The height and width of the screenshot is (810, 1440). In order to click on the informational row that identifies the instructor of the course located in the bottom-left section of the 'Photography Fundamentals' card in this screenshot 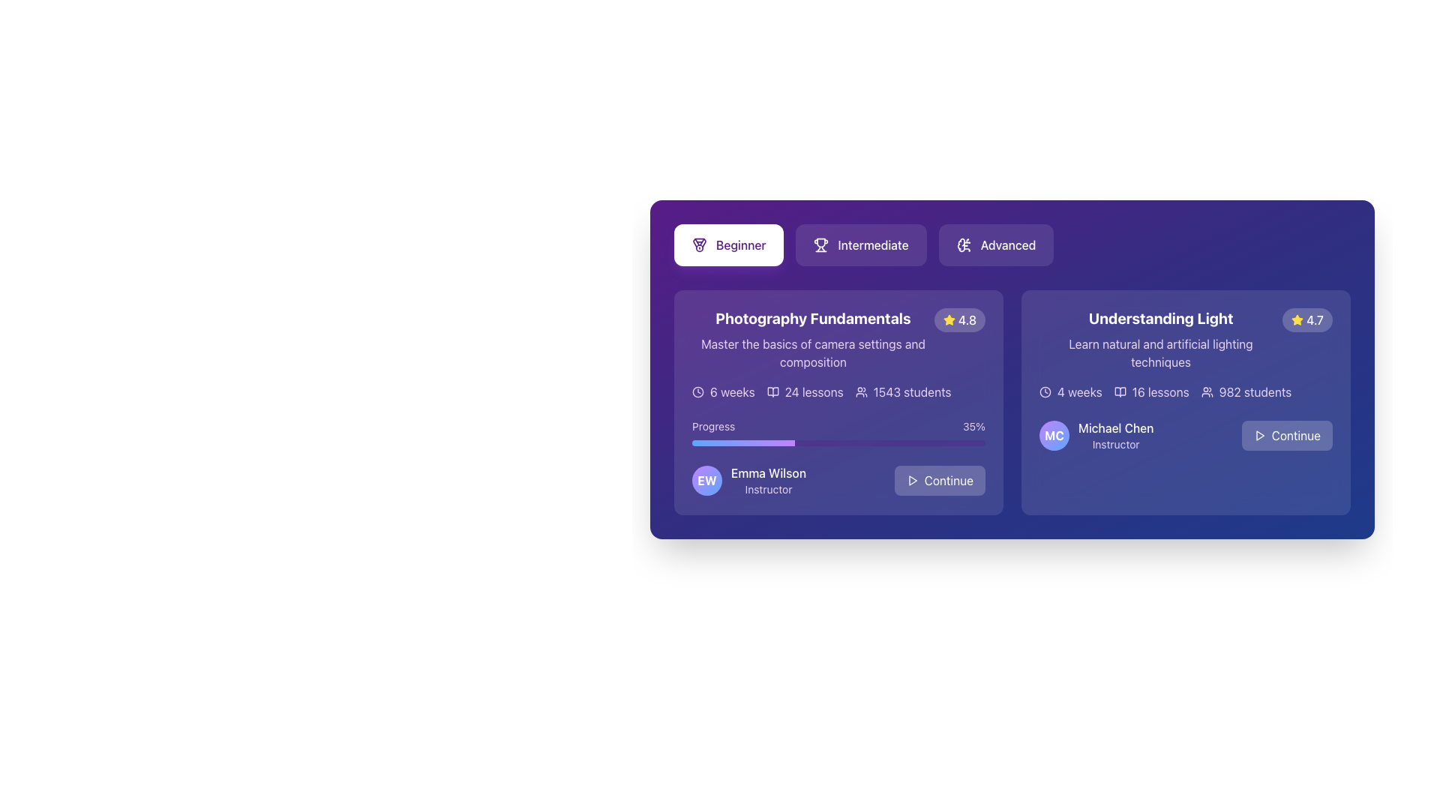, I will do `click(748, 480)`.